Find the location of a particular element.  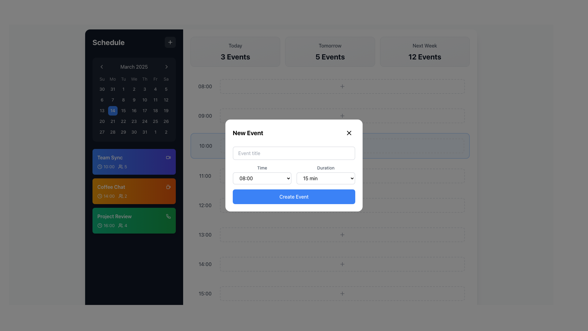

the phone receiver icon located in the bottom-right corner of the 'Project Review' event block to initiate the call interface is located at coordinates (168, 216).